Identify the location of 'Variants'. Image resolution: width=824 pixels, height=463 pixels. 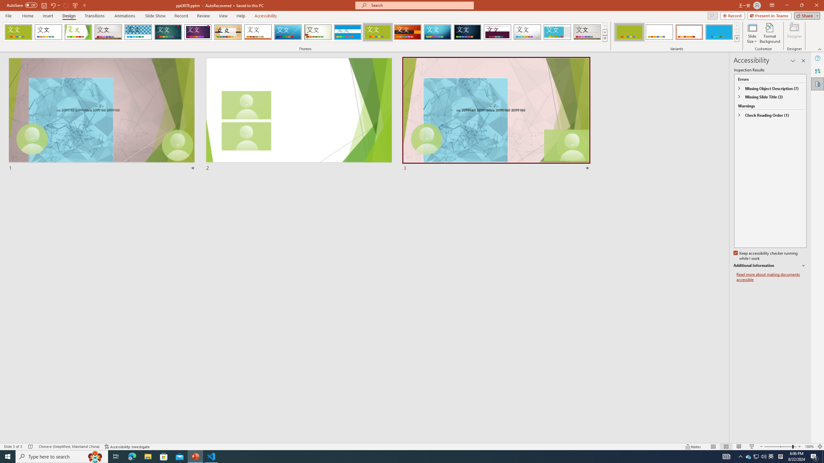
(736, 38).